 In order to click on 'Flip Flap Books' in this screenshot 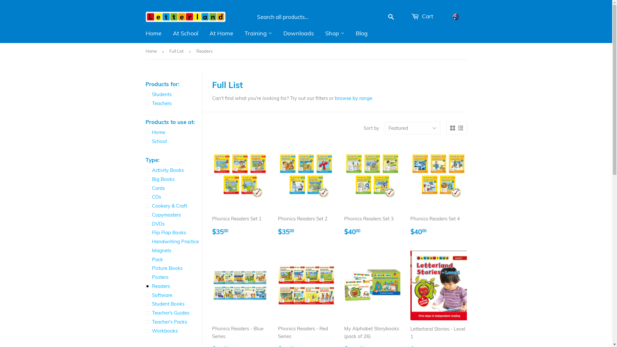, I will do `click(173, 233)`.